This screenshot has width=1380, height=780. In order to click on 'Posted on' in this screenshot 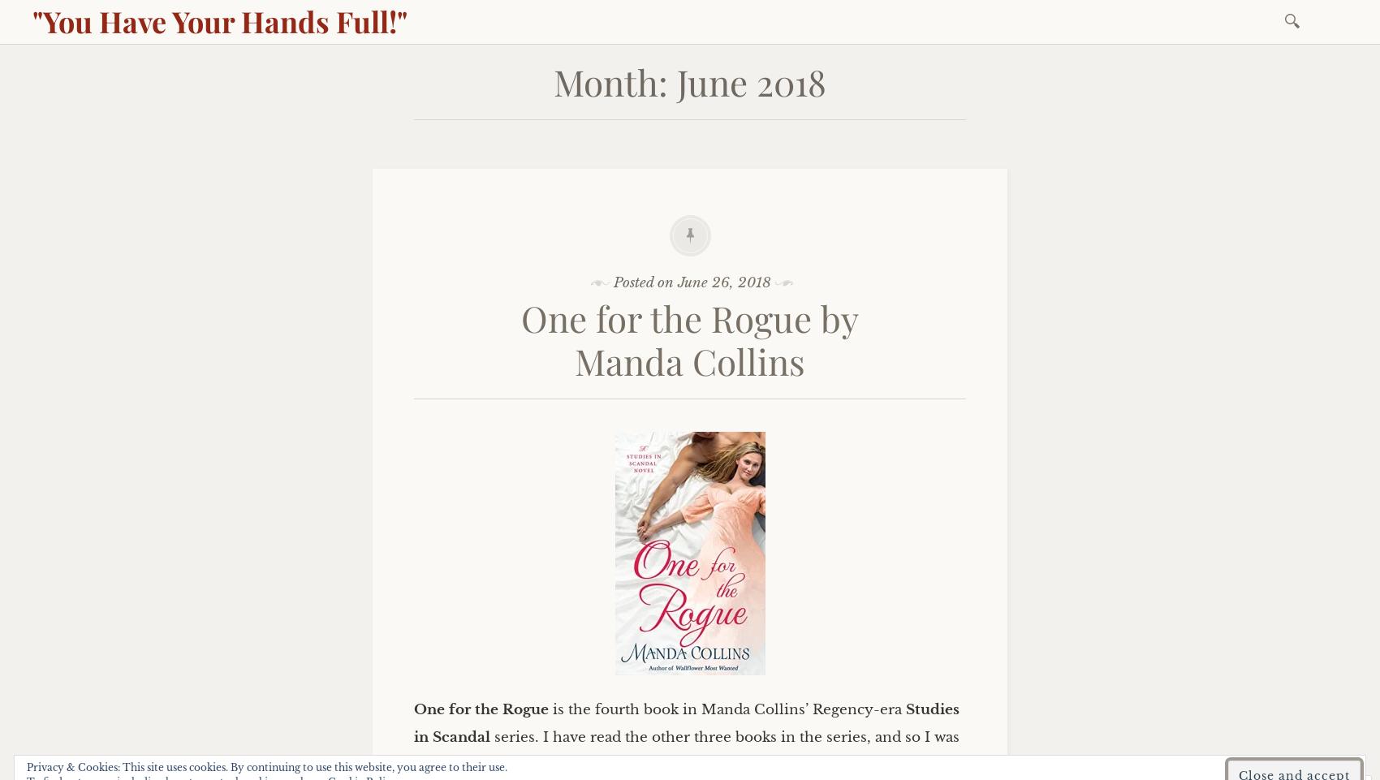, I will do `click(645, 282)`.